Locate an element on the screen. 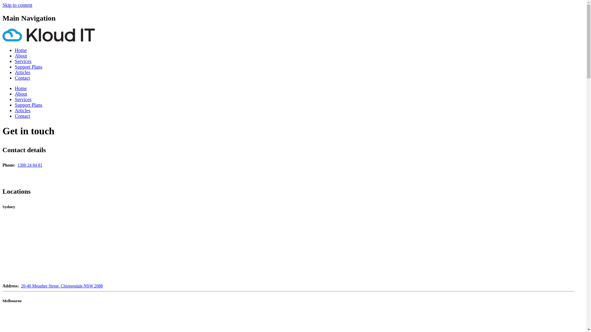 The height and width of the screenshot is (332, 591). 'Contact' is located at coordinates (22, 77).